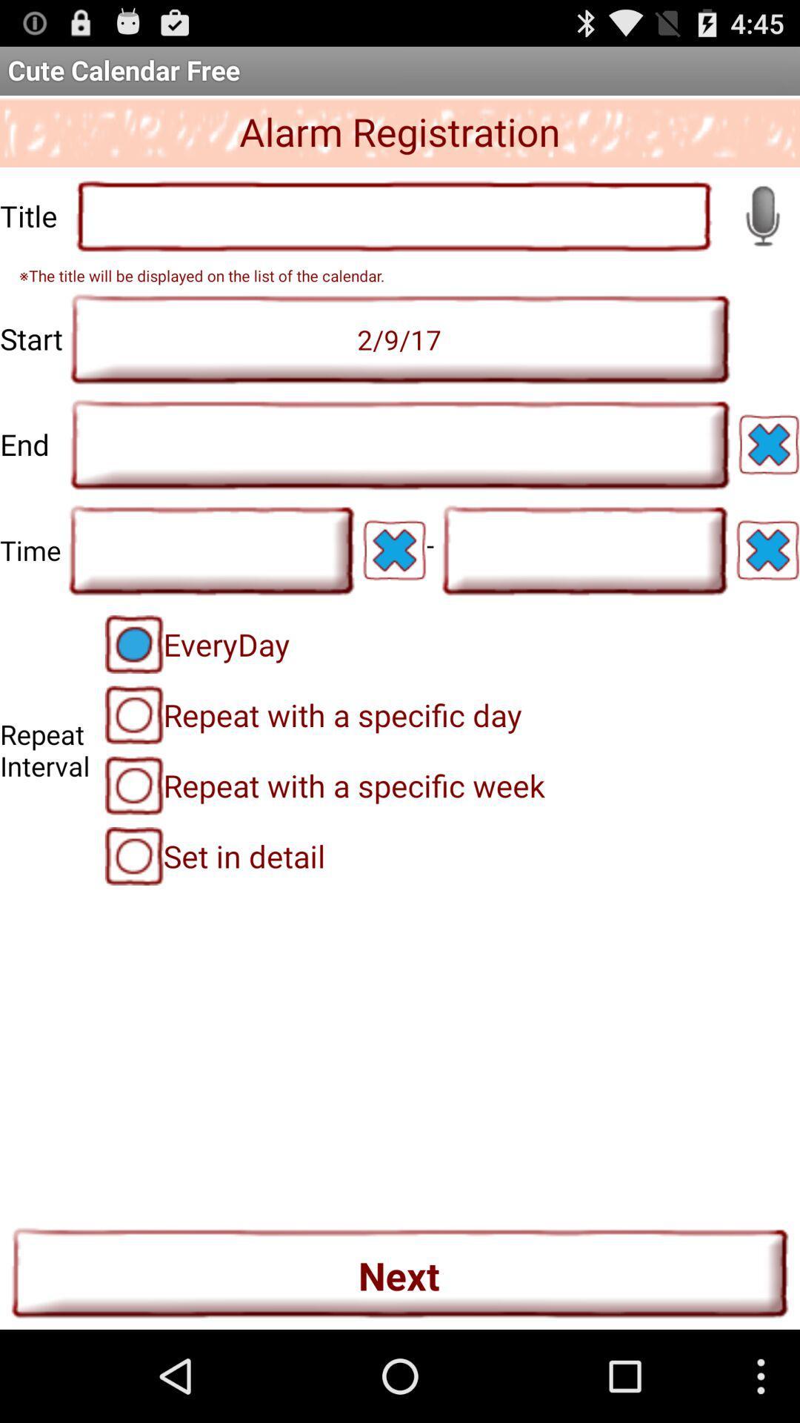  I want to click on voice input, so click(762, 215).